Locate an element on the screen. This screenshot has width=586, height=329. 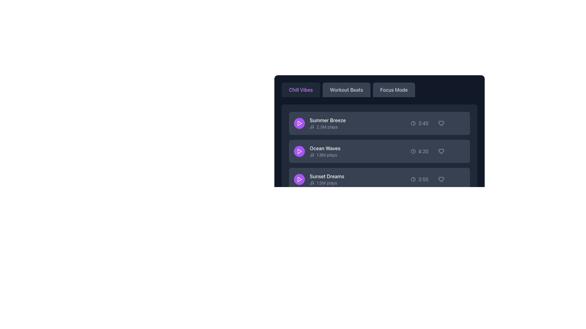
the text label displaying '2.3M plays' with a music note icon, located below 'Summer Breeze' and aligned with the play button is located at coordinates (327, 126).